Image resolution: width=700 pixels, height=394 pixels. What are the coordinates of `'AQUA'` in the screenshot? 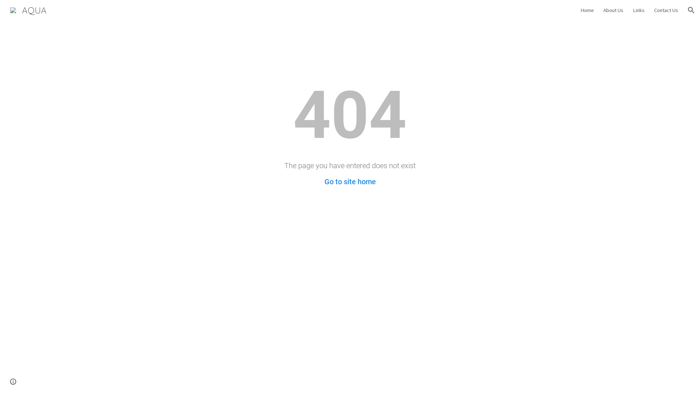 It's located at (28, 9).